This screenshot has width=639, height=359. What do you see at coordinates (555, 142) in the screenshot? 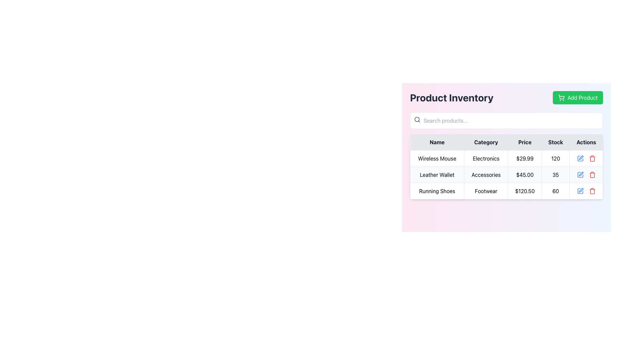
I see `the Text Label indicating stock quantity located as the fourth column header in the table, positioned between 'Price' and 'Actions'` at bounding box center [555, 142].